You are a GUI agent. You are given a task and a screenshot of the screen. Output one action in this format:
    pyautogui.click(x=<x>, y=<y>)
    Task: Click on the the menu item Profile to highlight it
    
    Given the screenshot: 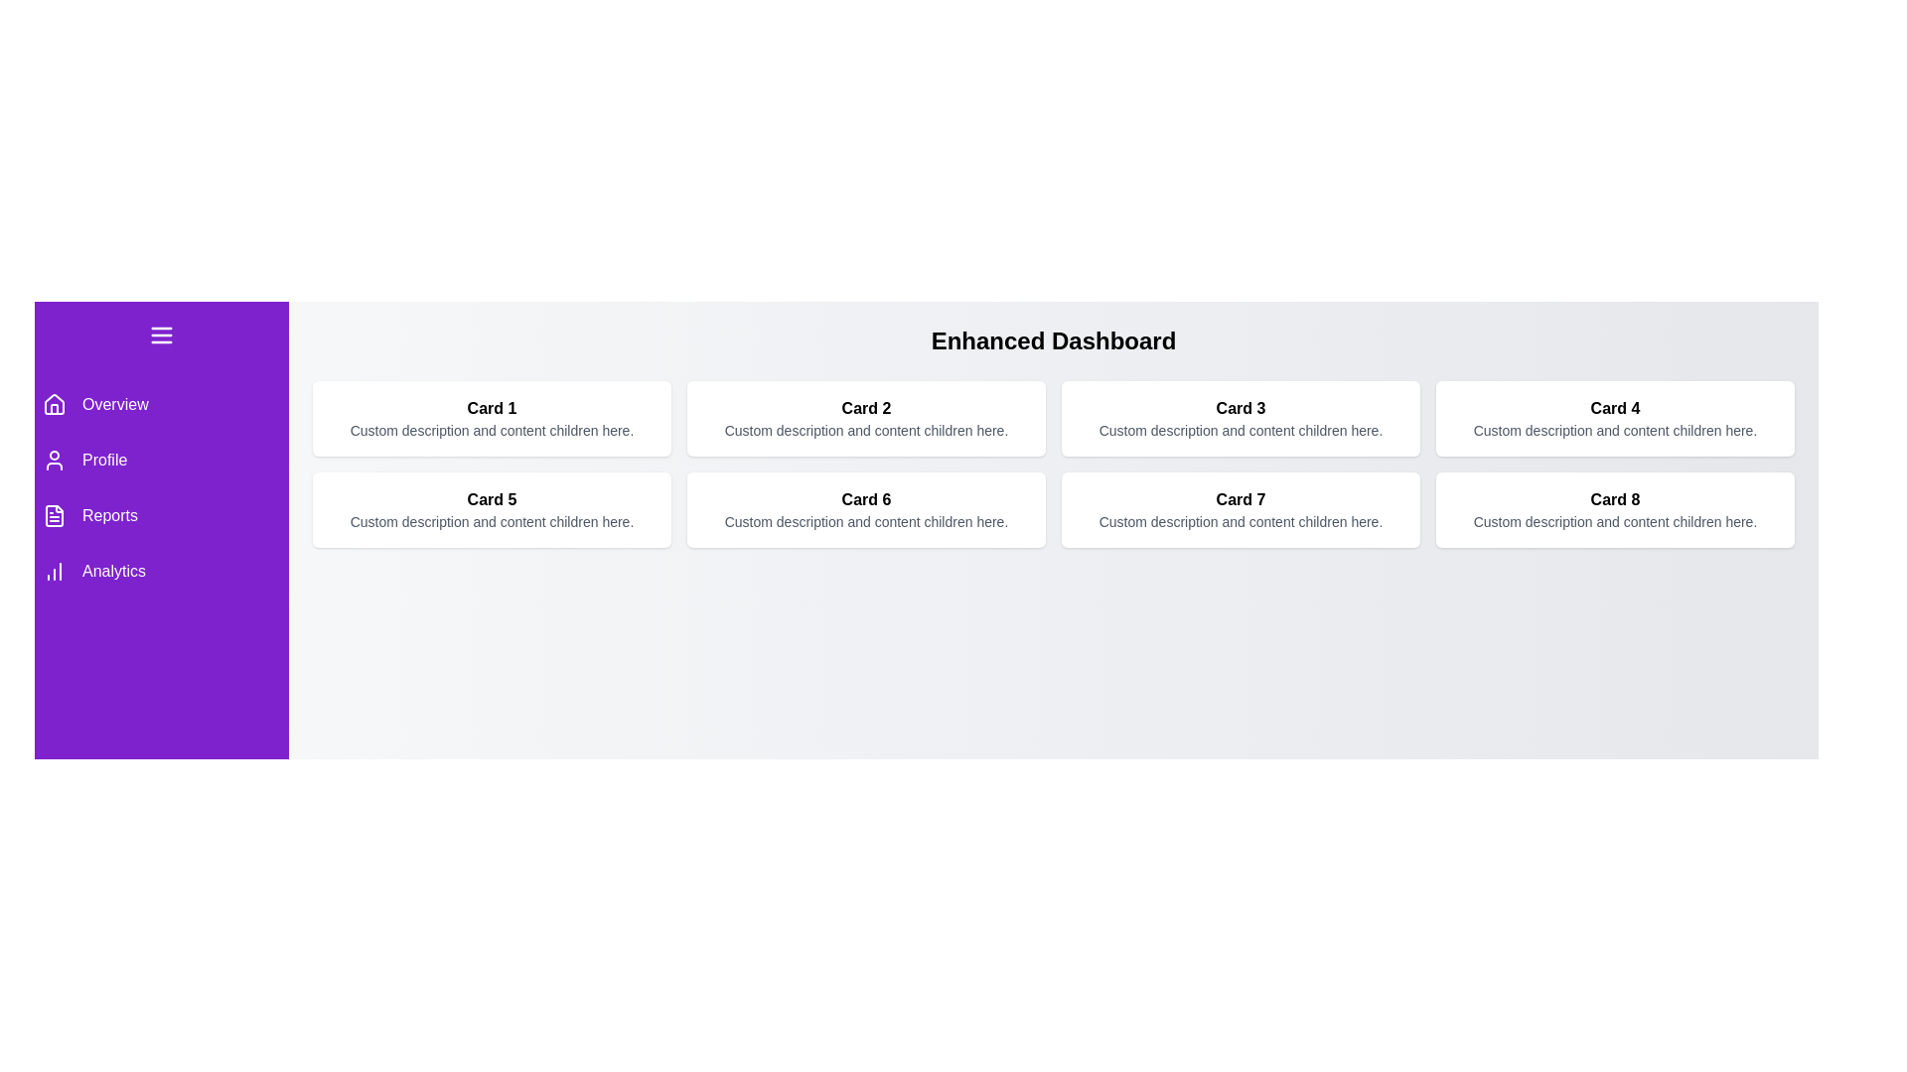 What is the action you would take?
    pyautogui.click(x=162, y=460)
    